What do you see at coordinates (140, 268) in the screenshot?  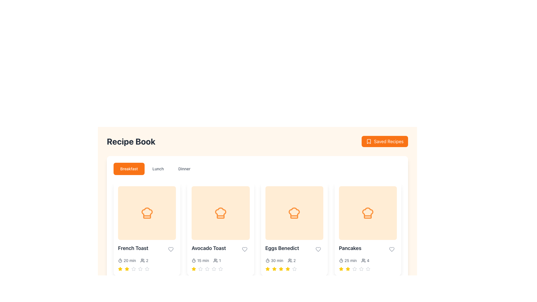 I see `the sixth hollow gray star icon in the rating system for the 'French Toast' recipe` at bounding box center [140, 268].